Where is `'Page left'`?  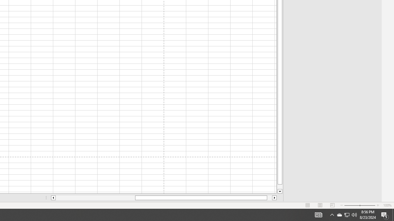 'Page left' is located at coordinates (95, 198).